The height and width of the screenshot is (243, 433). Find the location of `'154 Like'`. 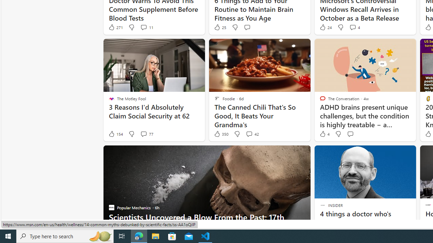

'154 Like' is located at coordinates (115, 134).